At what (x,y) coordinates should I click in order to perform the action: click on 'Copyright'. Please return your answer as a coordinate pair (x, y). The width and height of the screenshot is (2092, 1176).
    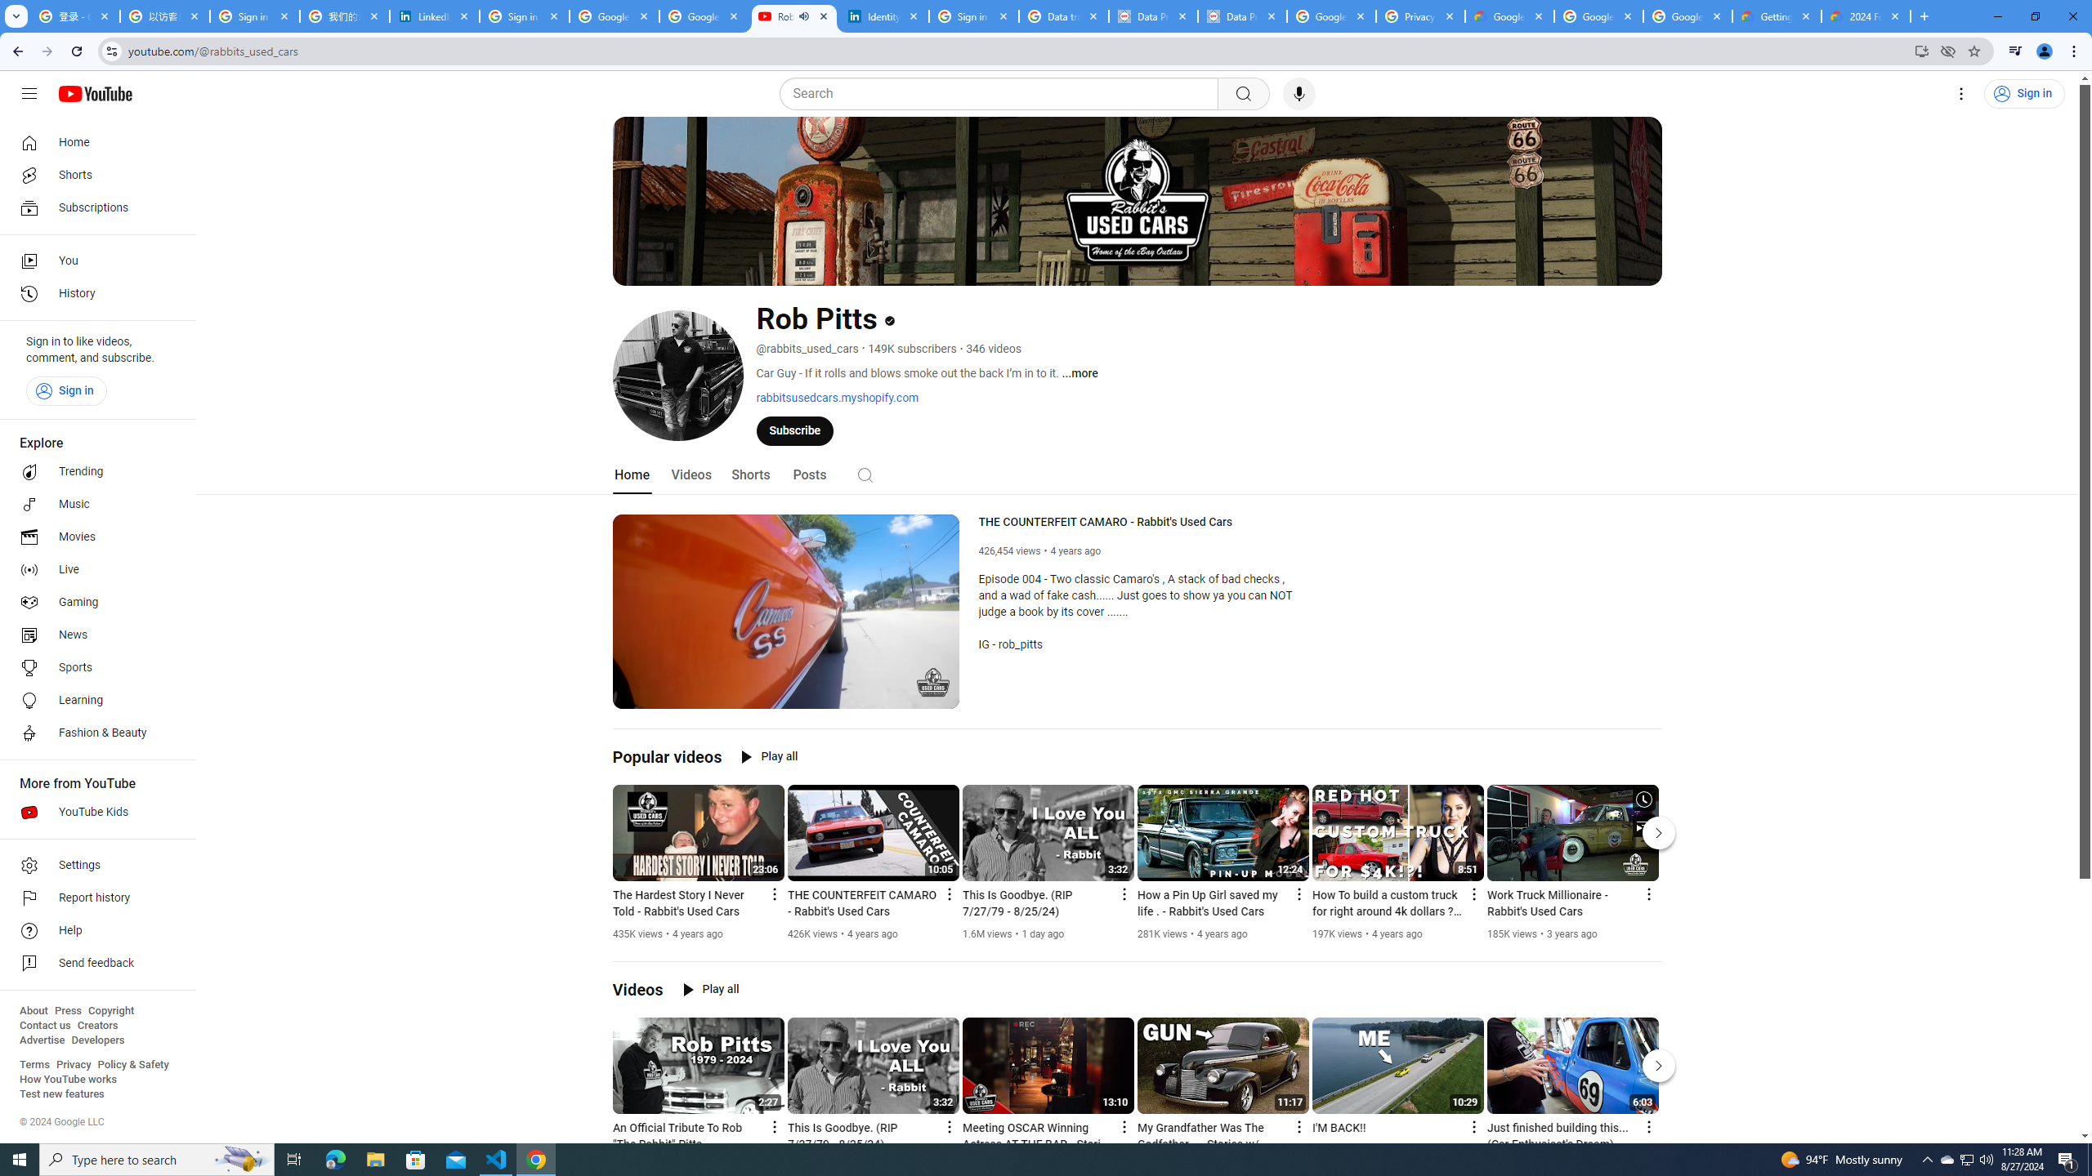
    Looking at the image, I should click on (110, 1010).